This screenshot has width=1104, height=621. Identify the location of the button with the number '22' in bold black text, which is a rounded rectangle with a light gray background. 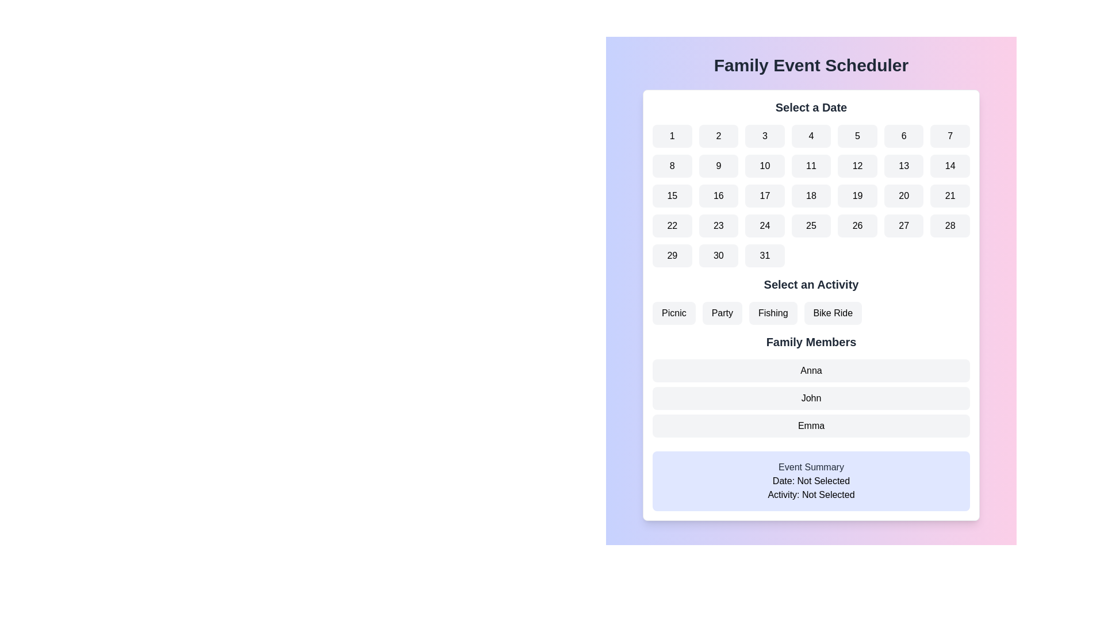
(672, 226).